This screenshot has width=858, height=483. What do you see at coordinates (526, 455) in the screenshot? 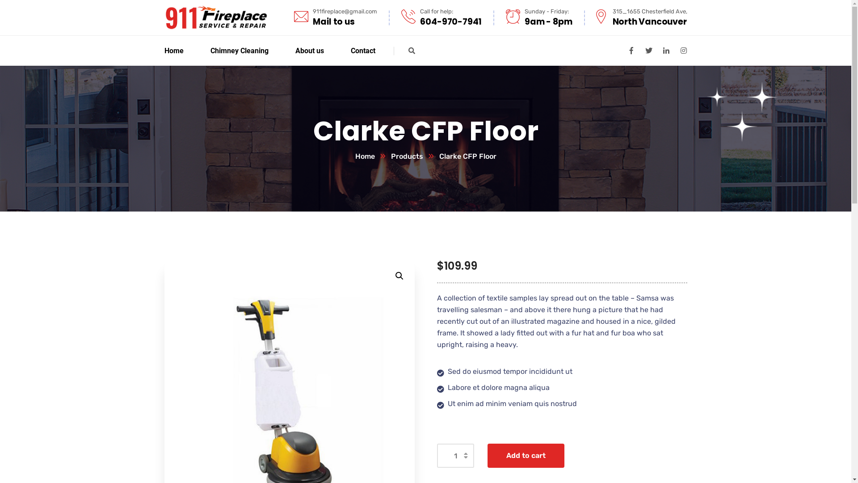
I see `'Add to cart'` at bounding box center [526, 455].